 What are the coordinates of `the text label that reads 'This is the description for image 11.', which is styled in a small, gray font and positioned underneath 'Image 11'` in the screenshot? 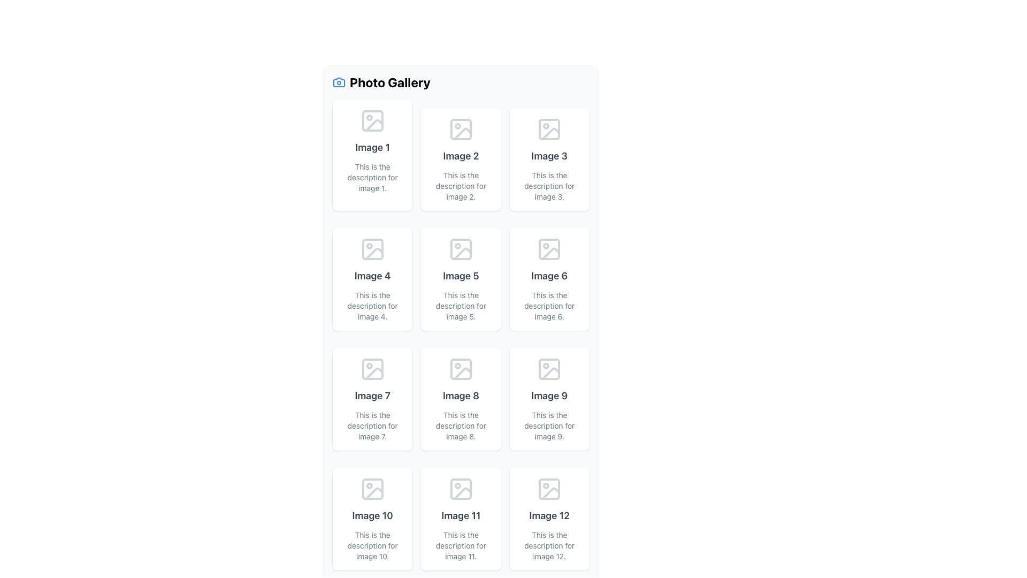 It's located at (461, 545).